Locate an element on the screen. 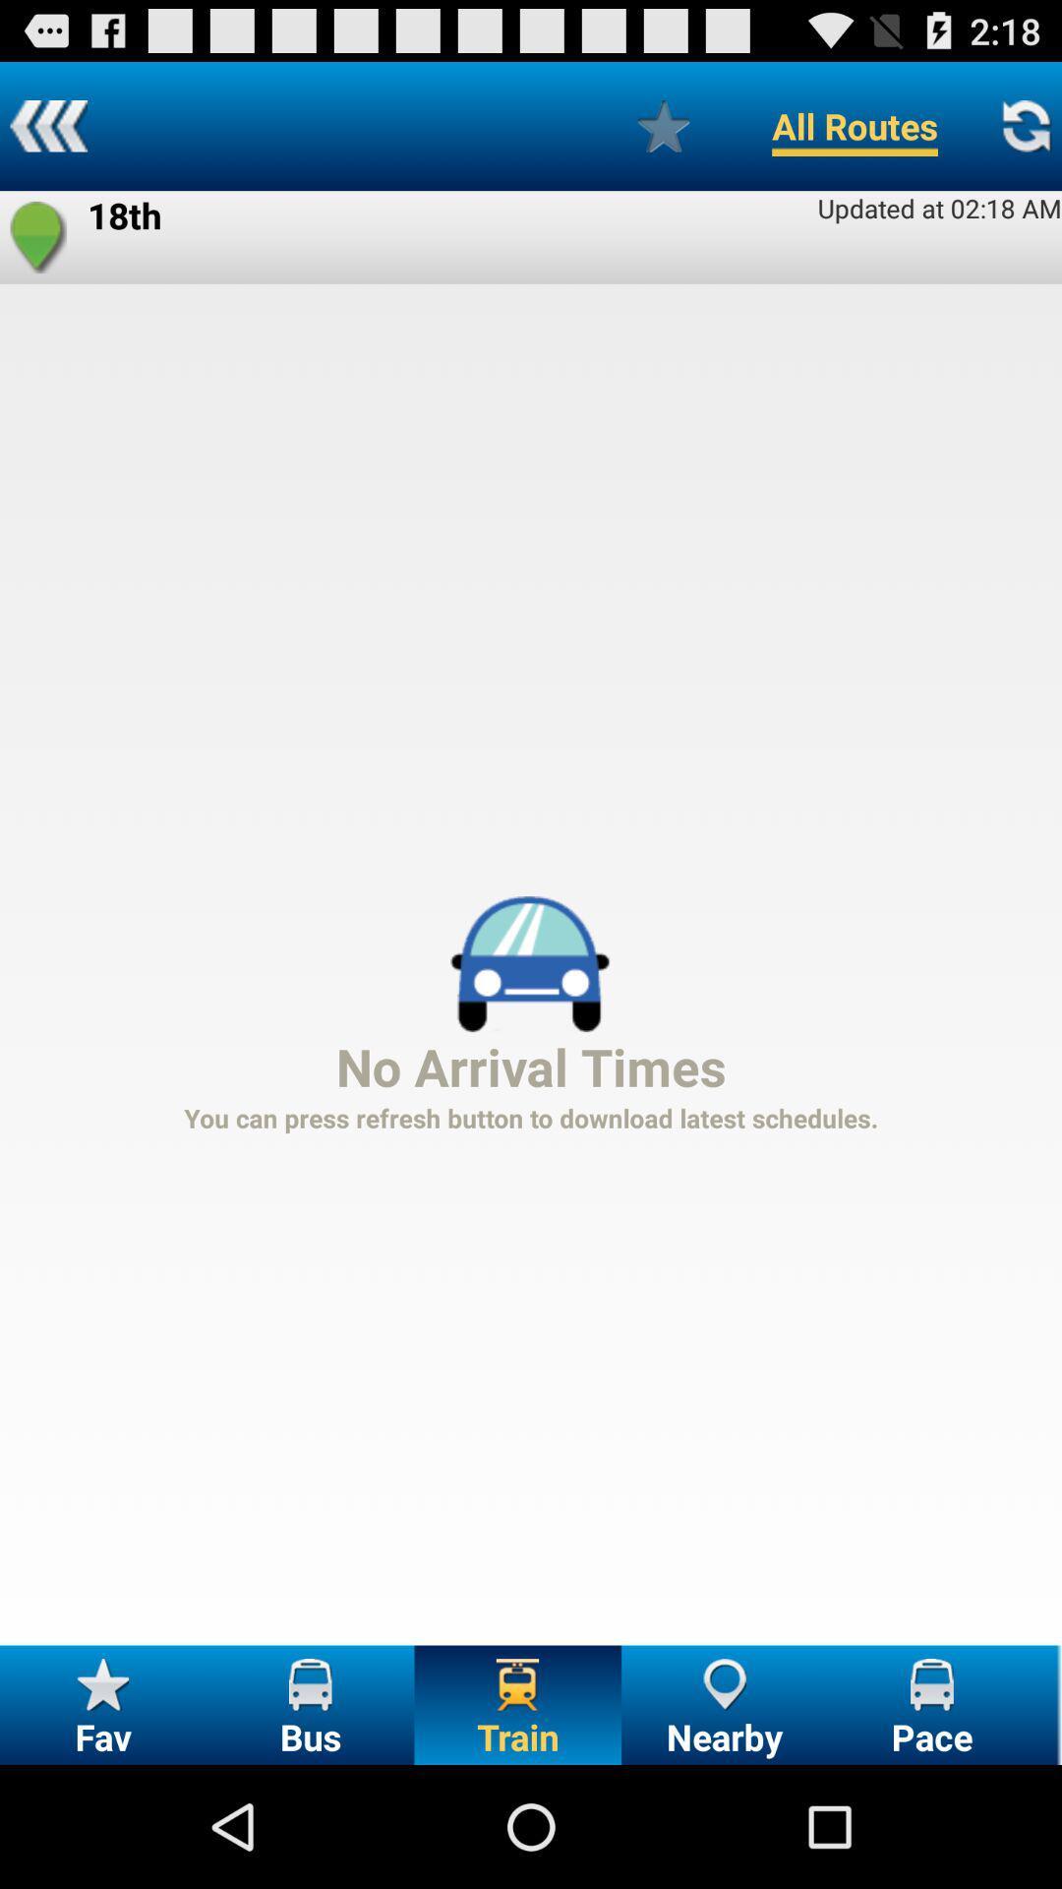  the refresh icon is located at coordinates (1025, 134).